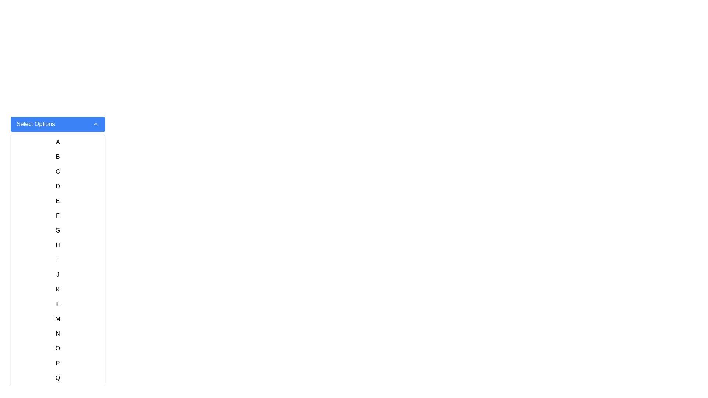 The height and width of the screenshot is (398, 708). I want to click on the third selectable option in the 'Select Options' dropdown menu, so click(58, 172).